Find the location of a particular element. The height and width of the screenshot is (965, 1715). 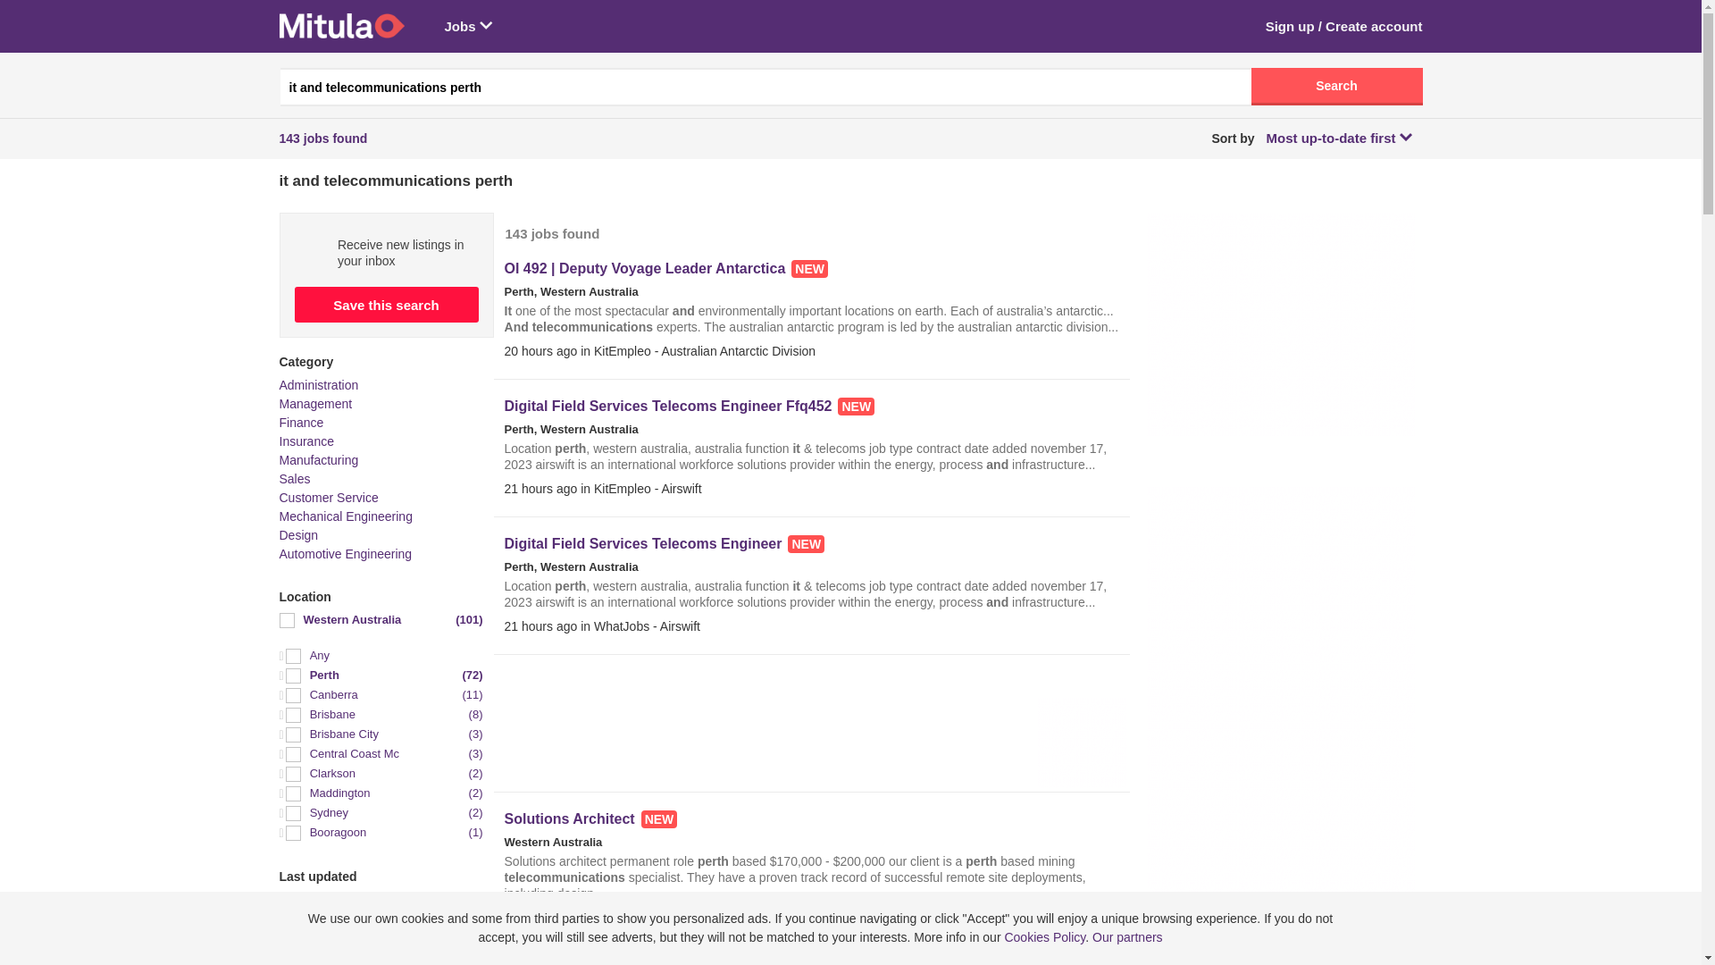

'Management' is located at coordinates (315, 403).